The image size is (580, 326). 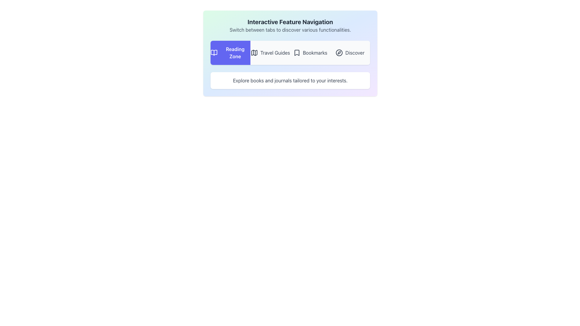 I want to click on the compass-like icon located in the fourth tab of the tabbed navigation bar labeled 'Discover', so click(x=339, y=52).